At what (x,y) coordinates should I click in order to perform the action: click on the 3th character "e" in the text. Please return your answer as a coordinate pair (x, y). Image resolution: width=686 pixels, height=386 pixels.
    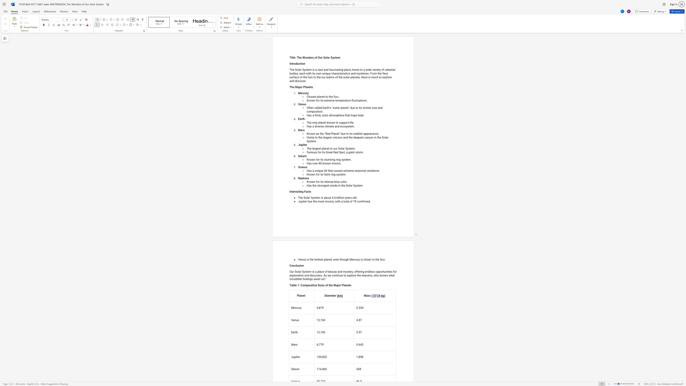
    Looking at the image, I should click on (333, 126).